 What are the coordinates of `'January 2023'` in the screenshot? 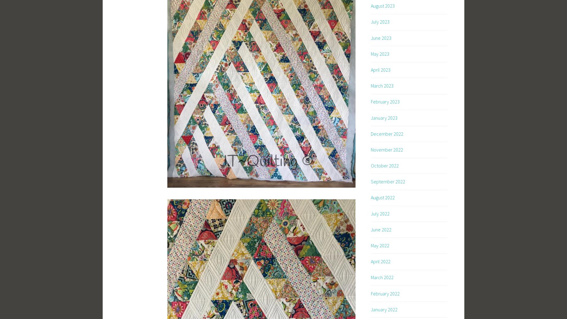 It's located at (384, 117).